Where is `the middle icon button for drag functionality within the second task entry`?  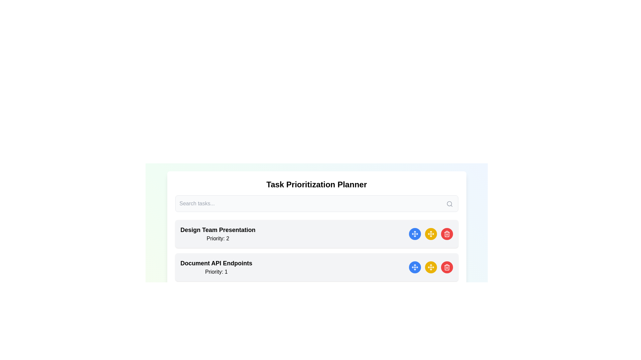
the middle icon button for drag functionality within the second task entry is located at coordinates (431, 267).